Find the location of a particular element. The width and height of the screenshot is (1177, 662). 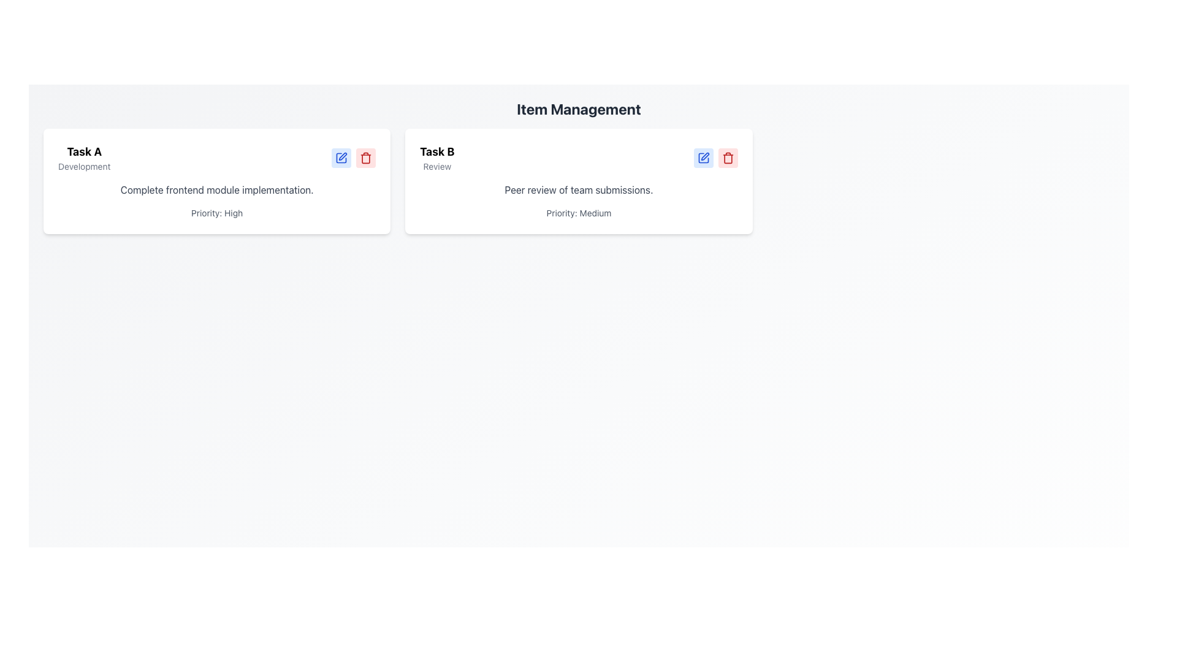

the pen-shaped edit icon located at the top-right corner of the card labeled 'Task B' is located at coordinates (705, 156).